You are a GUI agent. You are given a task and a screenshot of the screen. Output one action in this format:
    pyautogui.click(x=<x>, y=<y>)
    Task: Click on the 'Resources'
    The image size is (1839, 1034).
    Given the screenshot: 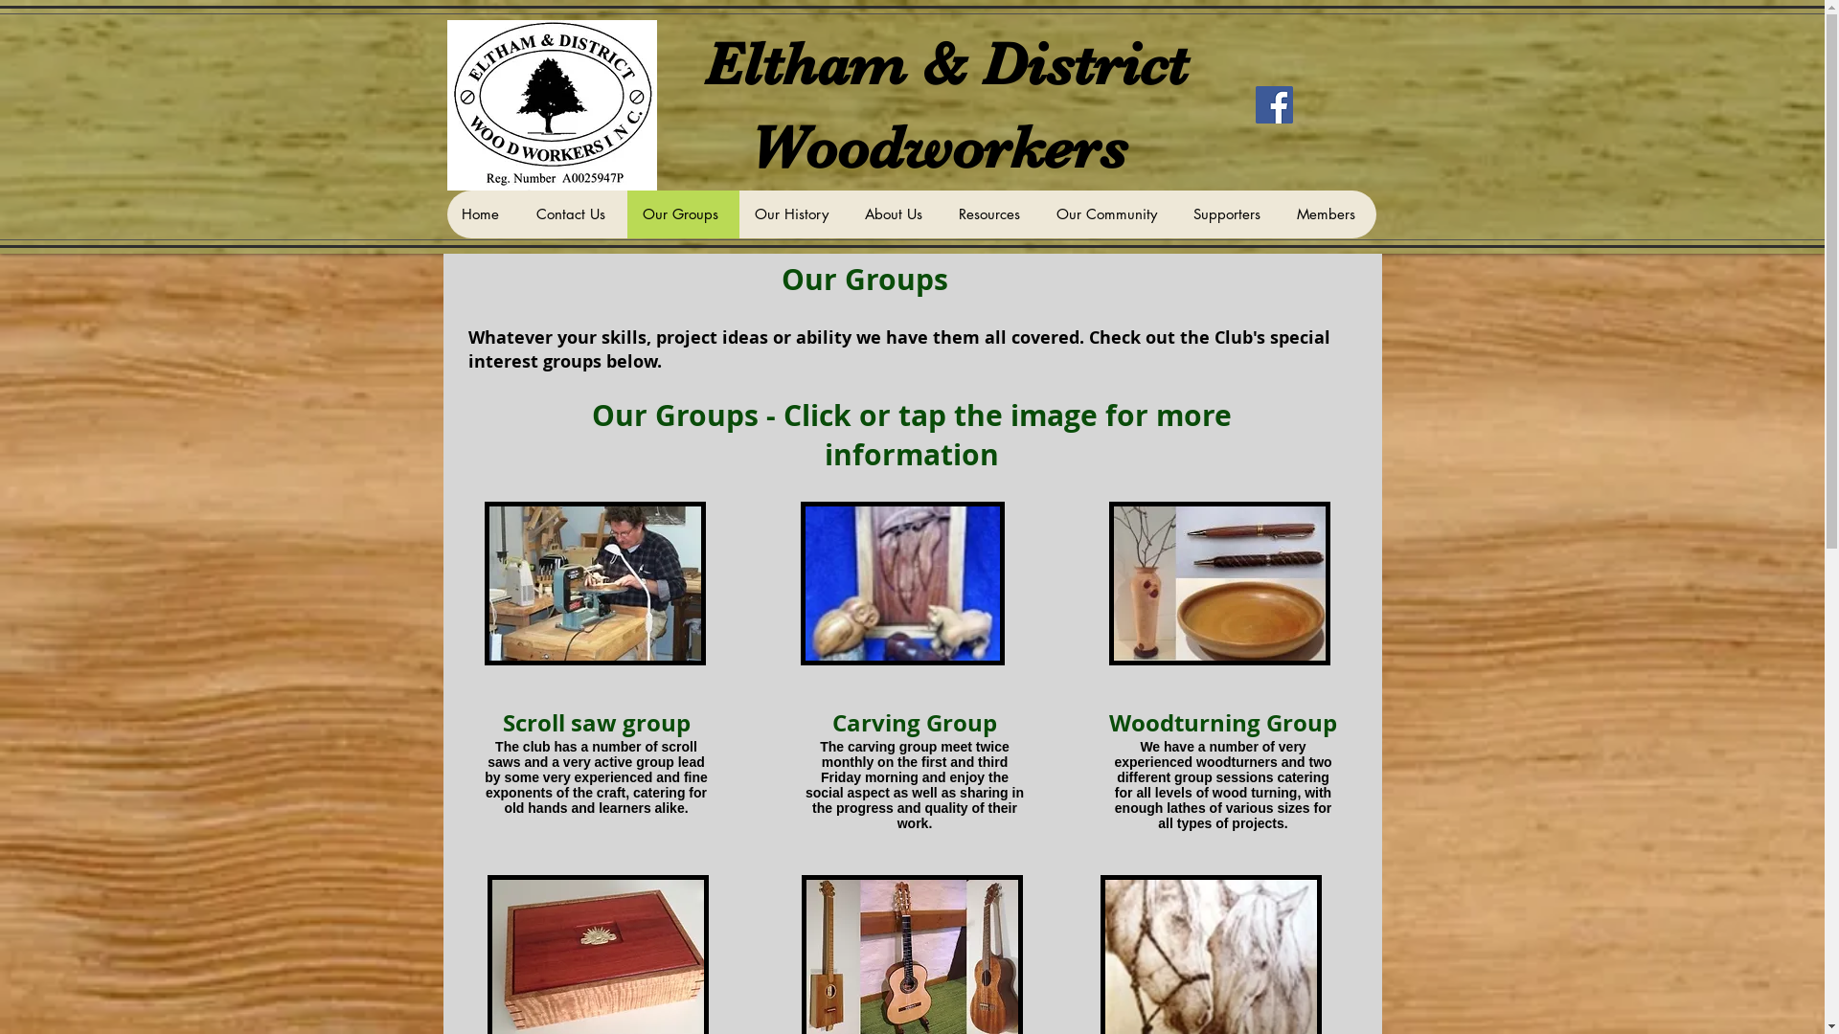 What is the action you would take?
    pyautogui.click(x=991, y=214)
    